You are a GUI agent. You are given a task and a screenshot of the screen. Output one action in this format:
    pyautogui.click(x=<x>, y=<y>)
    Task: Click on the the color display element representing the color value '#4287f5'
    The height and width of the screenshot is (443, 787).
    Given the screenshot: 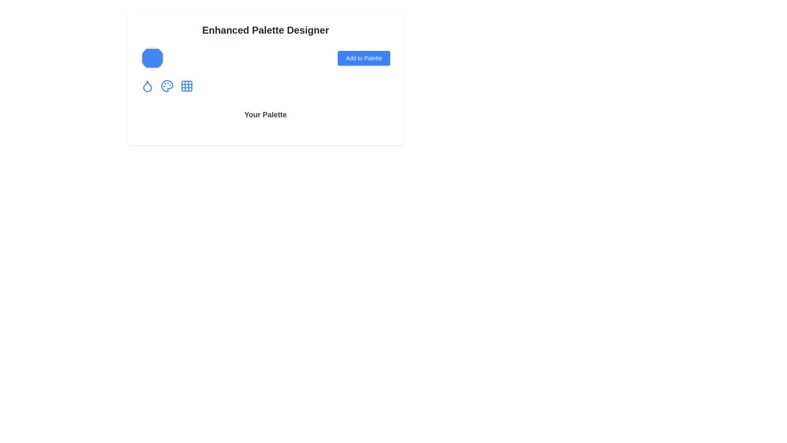 What is the action you would take?
    pyautogui.click(x=152, y=58)
    